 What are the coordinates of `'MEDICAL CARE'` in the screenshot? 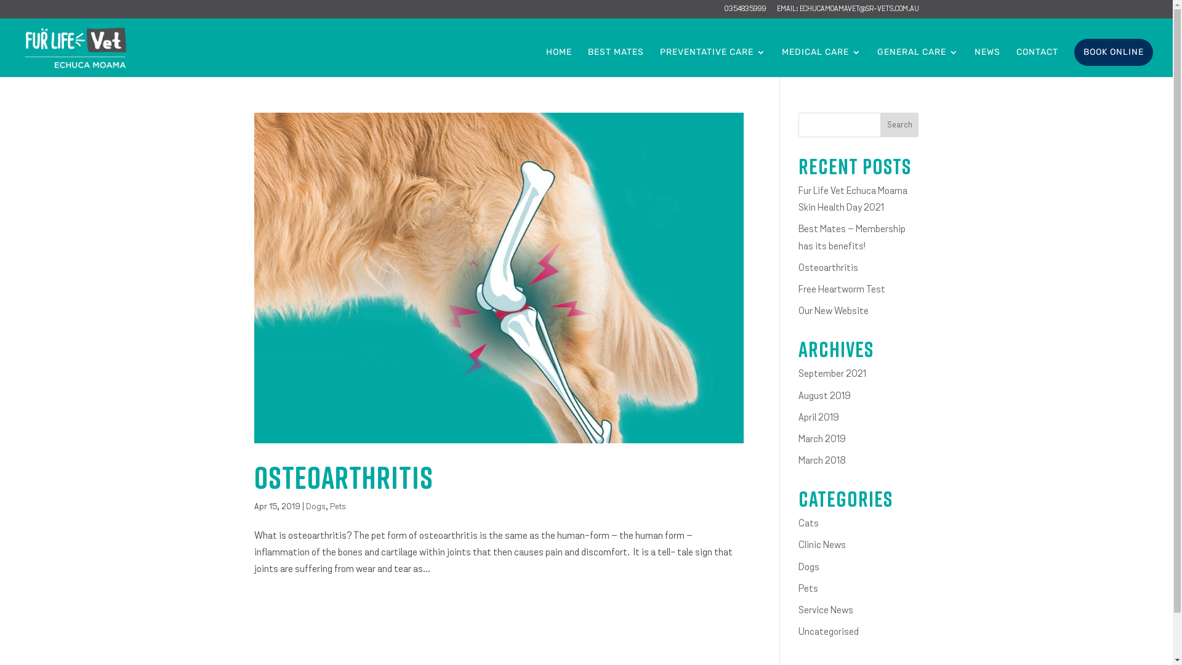 It's located at (821, 62).